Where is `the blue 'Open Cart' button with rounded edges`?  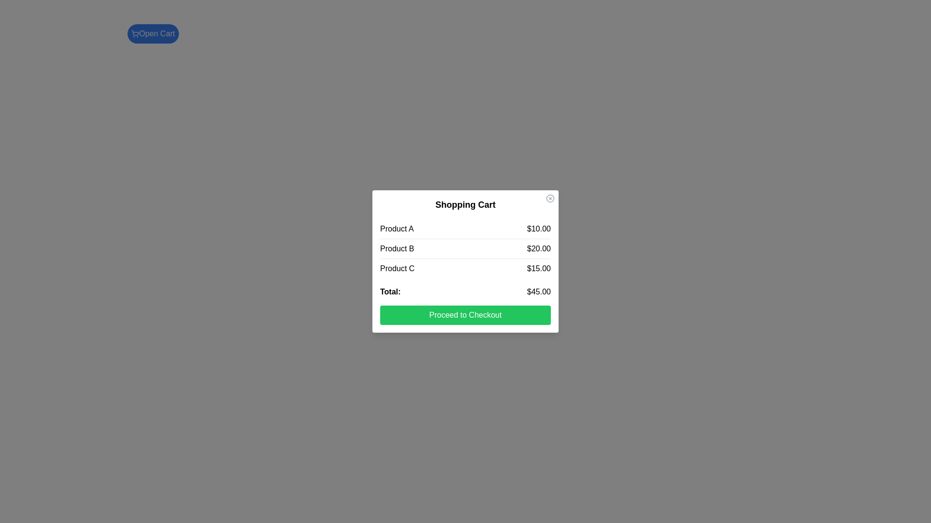 the blue 'Open Cart' button with rounded edges is located at coordinates (152, 33).